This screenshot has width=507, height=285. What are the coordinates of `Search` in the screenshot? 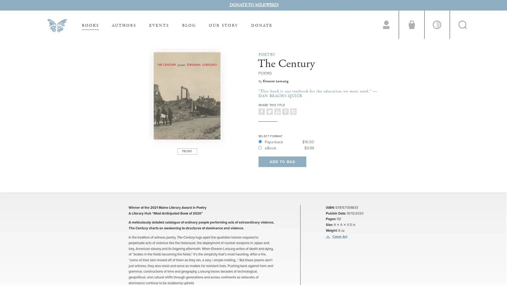 It's located at (462, 25).